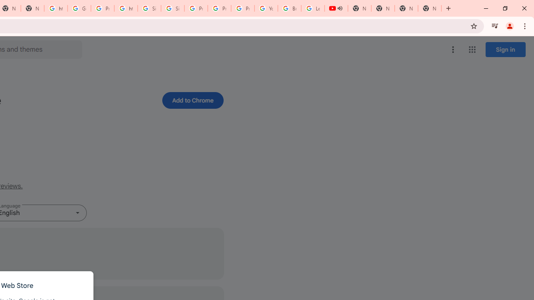 This screenshot has height=300, width=534. I want to click on 'Sign in - Google Accounts', so click(149, 8).